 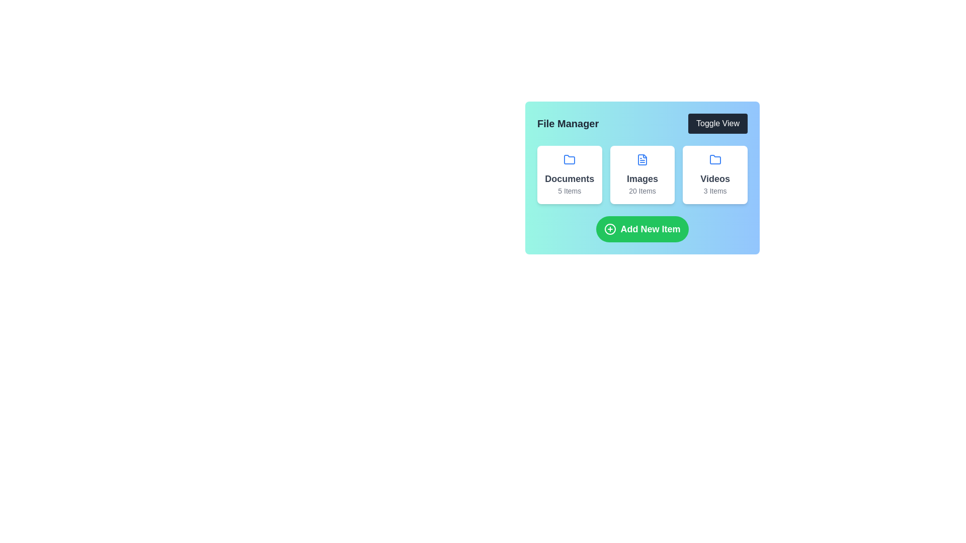 I want to click on the button located beneath the grid layout of 'Documents', 'Images', and 'Videos' in the 'File Manager' section, so click(x=641, y=229).